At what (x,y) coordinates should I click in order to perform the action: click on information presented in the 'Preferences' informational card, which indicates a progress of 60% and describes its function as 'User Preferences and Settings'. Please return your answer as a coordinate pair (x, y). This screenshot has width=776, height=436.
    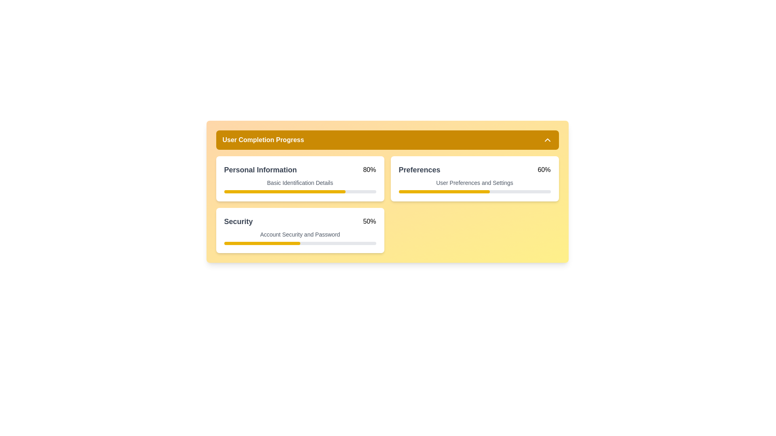
    Looking at the image, I should click on (474, 178).